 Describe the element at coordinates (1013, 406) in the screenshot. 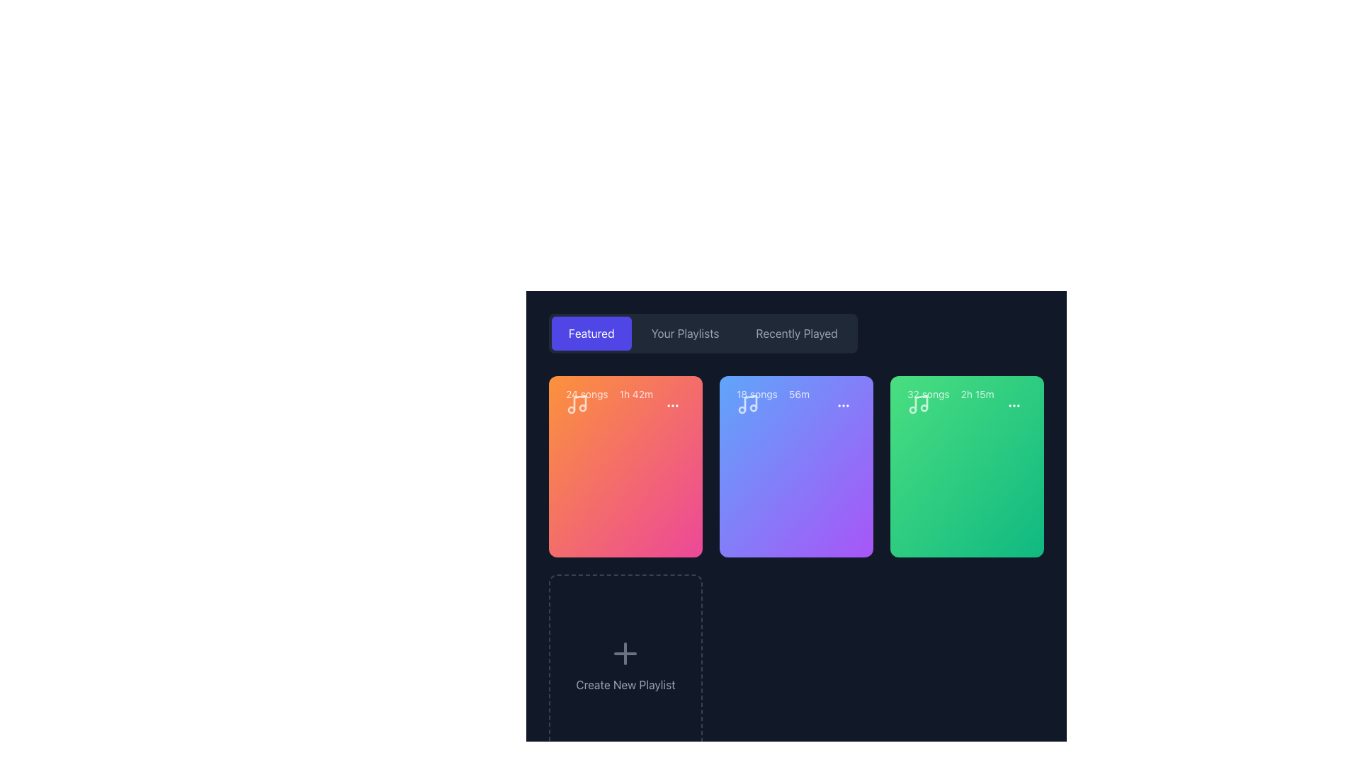

I see `the circular button in the top-right corner of the green playlist card` at that location.